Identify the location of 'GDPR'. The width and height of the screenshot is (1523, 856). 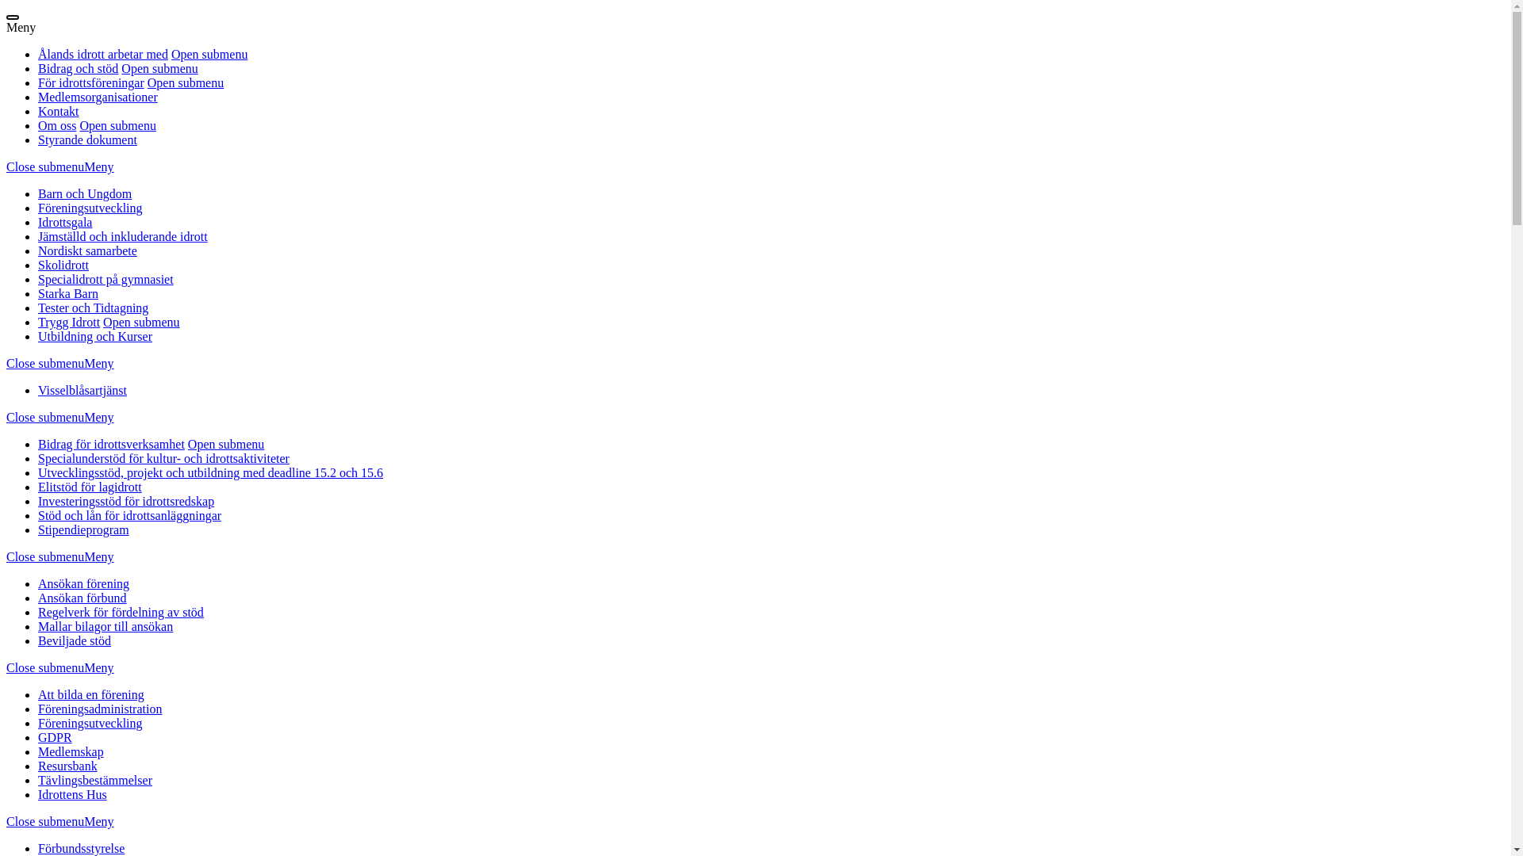
(55, 737).